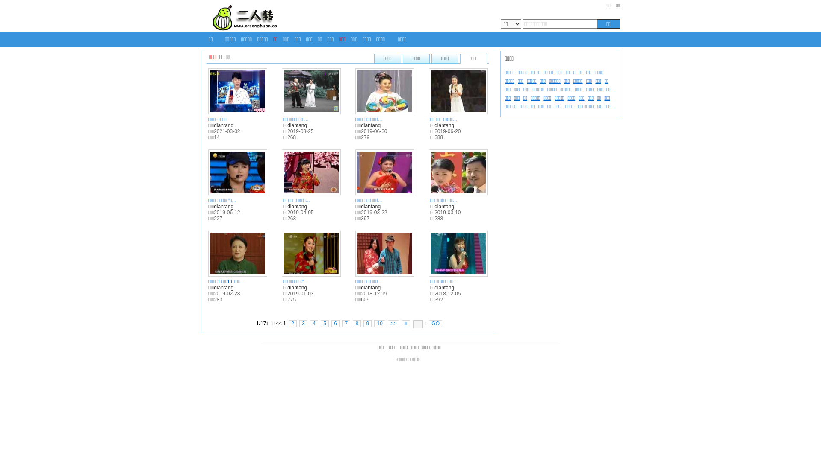  Describe the element at coordinates (435, 324) in the screenshot. I see `'GO'` at that location.